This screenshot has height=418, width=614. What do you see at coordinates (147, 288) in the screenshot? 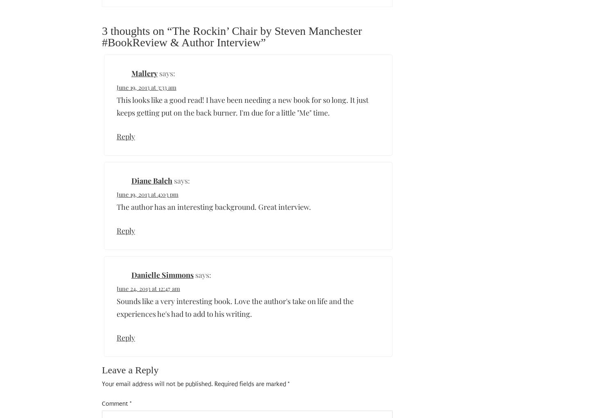
I see `'June 24, 2013 at 12:47 am'` at bounding box center [147, 288].